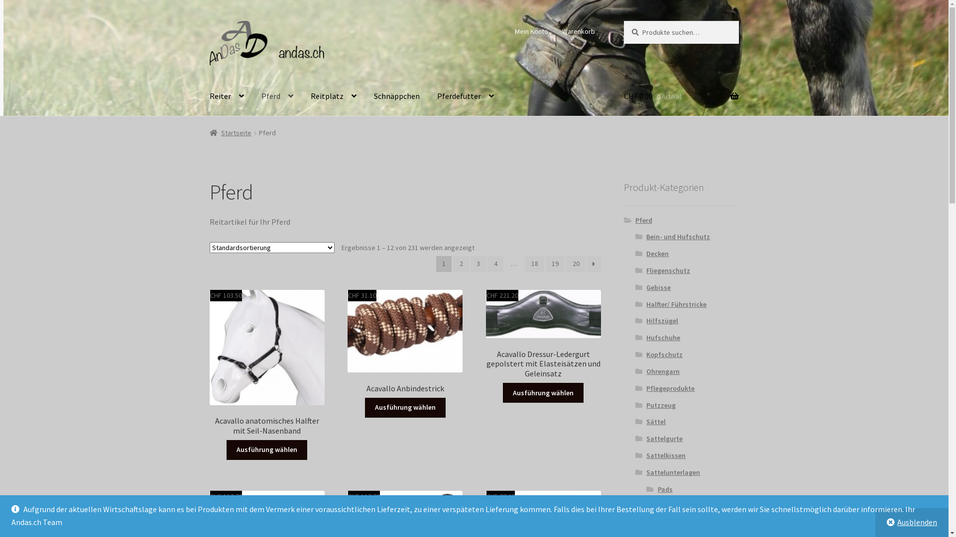 This screenshot has width=956, height=537. I want to click on 'Warenkorb', so click(578, 30).